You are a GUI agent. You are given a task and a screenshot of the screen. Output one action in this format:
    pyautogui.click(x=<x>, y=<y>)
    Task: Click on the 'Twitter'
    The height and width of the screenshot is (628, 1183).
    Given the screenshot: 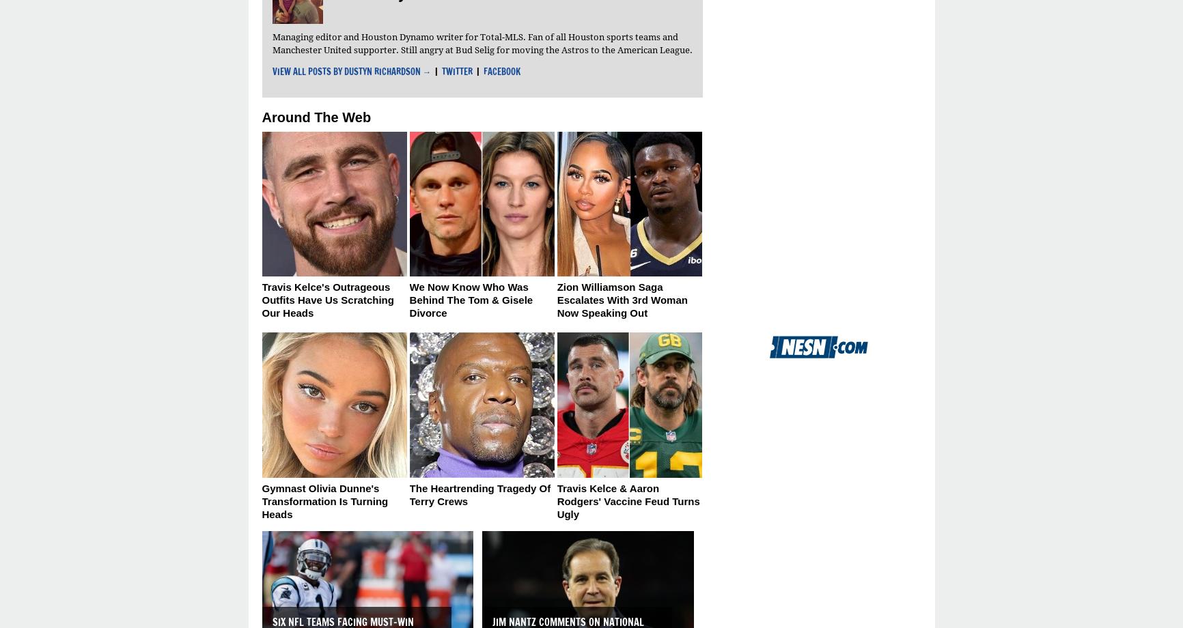 What is the action you would take?
    pyautogui.click(x=442, y=70)
    